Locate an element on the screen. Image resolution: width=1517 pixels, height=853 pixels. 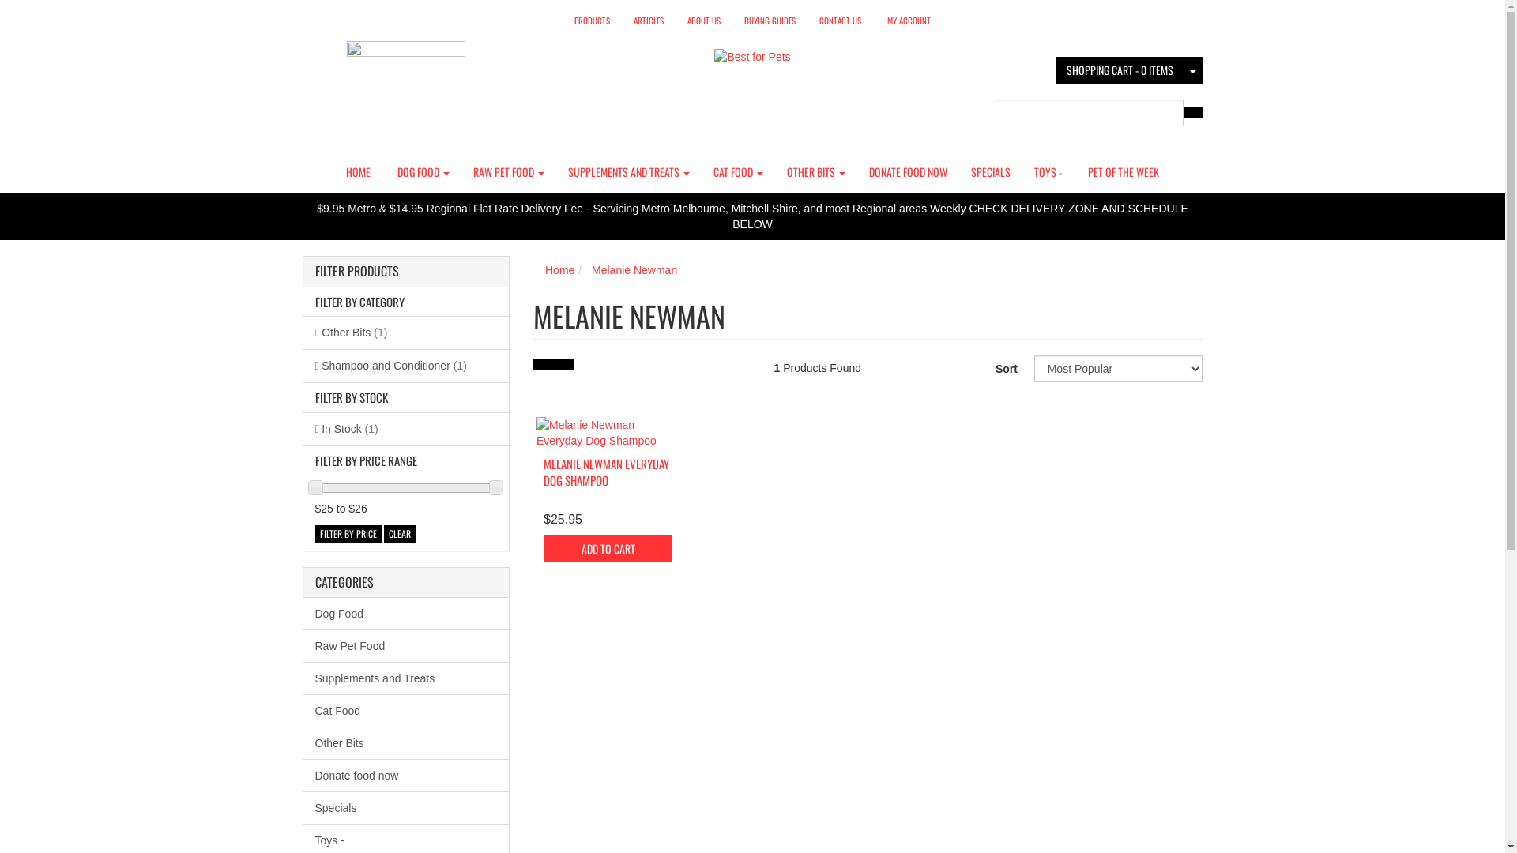
'Home' is located at coordinates (559, 269).